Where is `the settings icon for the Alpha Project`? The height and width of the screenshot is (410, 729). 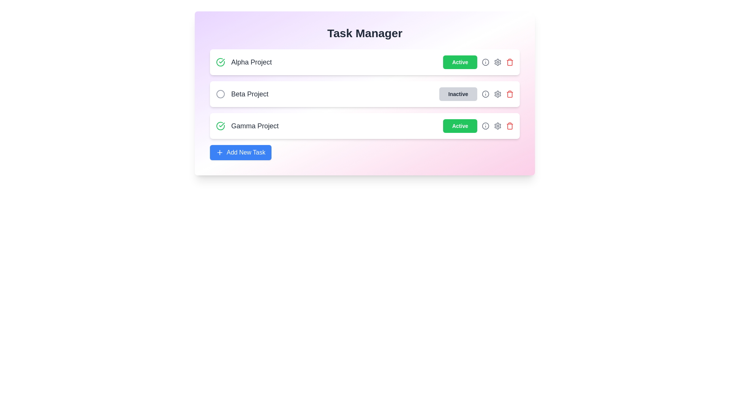
the settings icon for the Alpha Project is located at coordinates (497, 62).